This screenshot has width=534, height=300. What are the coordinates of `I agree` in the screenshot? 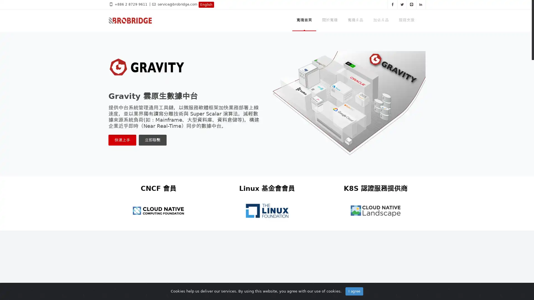 It's located at (354, 291).